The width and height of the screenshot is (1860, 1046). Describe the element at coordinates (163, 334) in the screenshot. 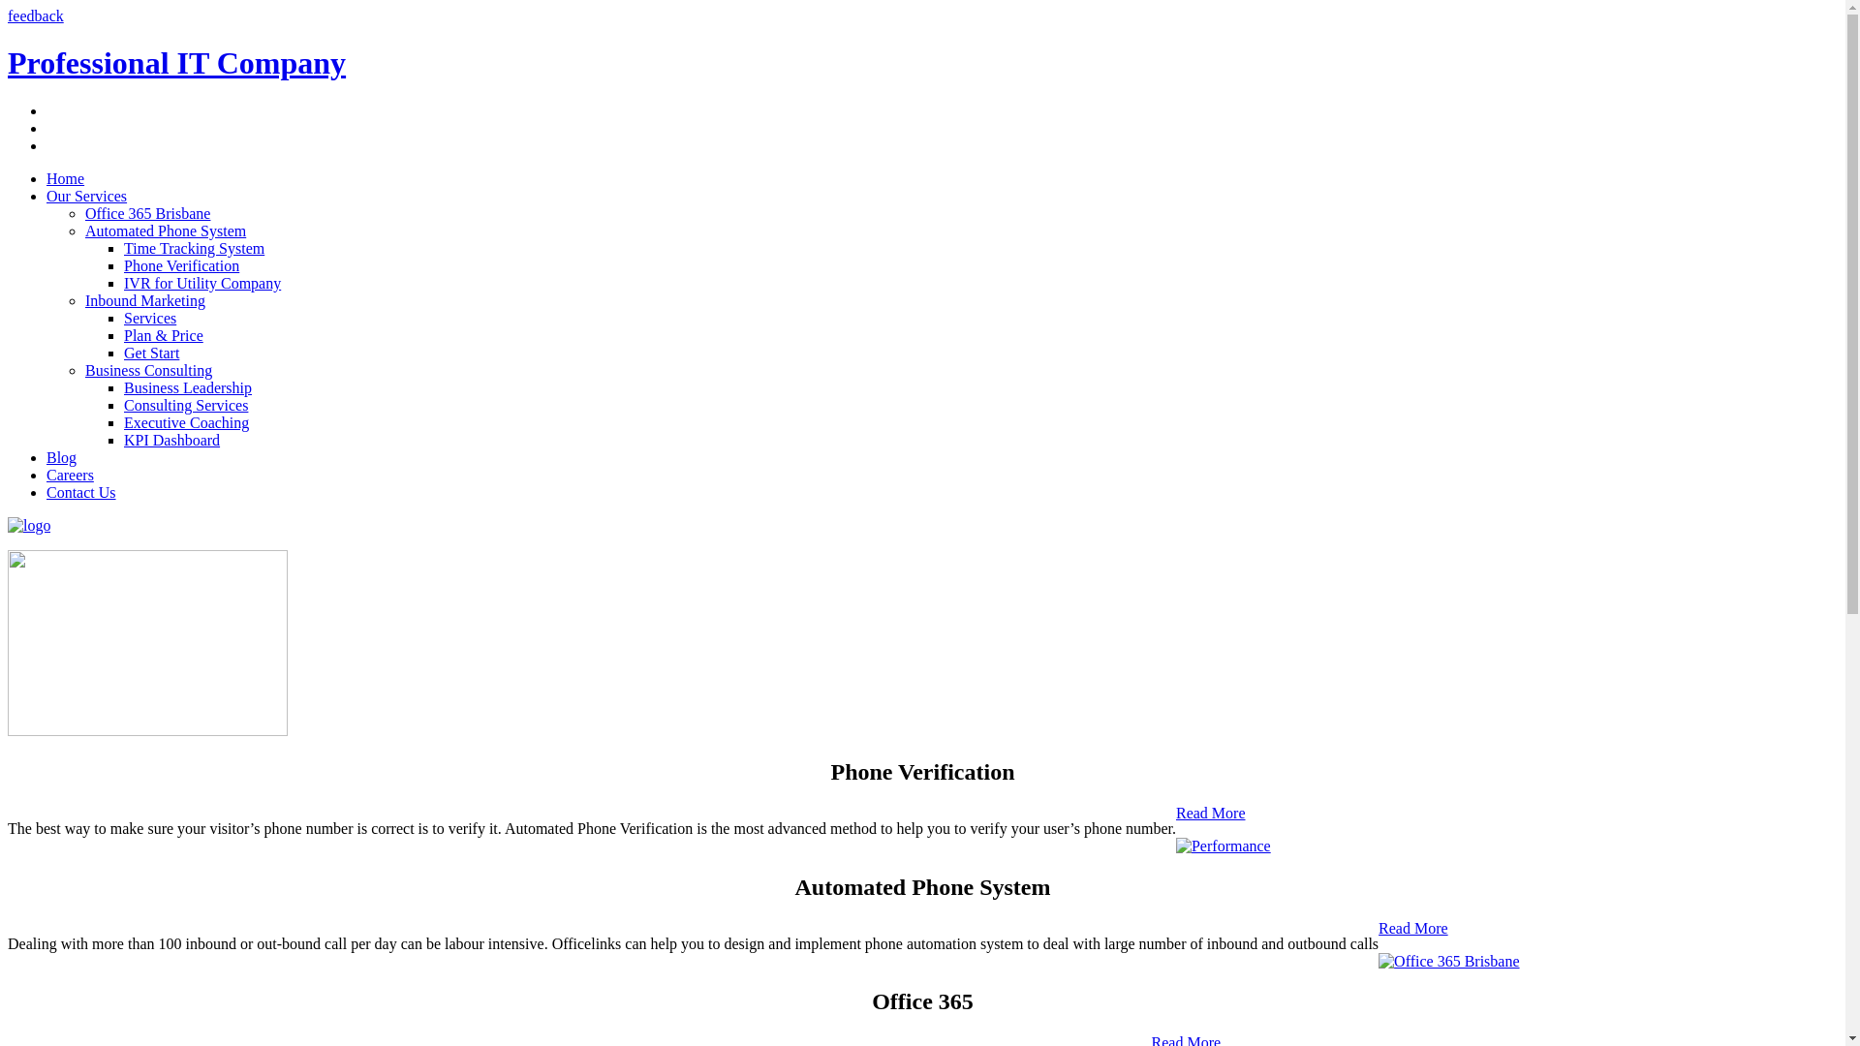

I see `'Plan & Price'` at that location.